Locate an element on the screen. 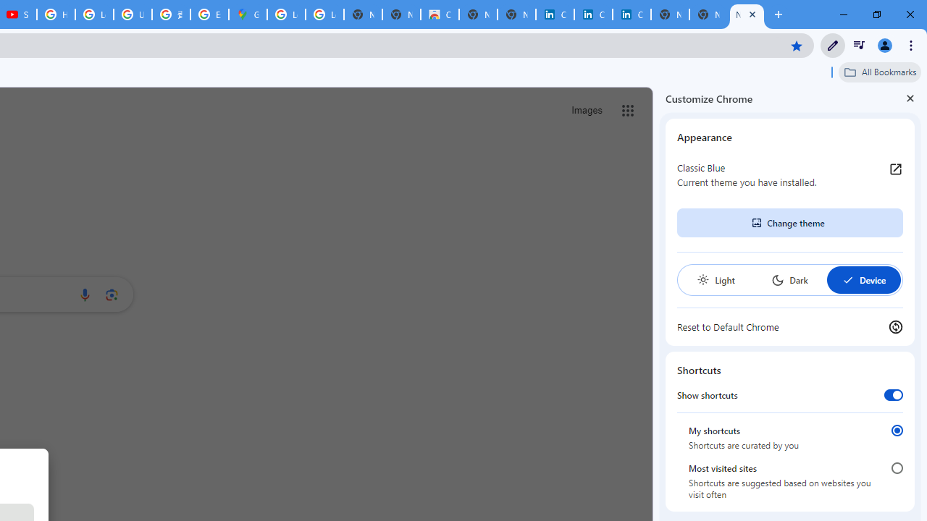  'Explore new street-level details - Google Maps Help' is located at coordinates (209, 14).